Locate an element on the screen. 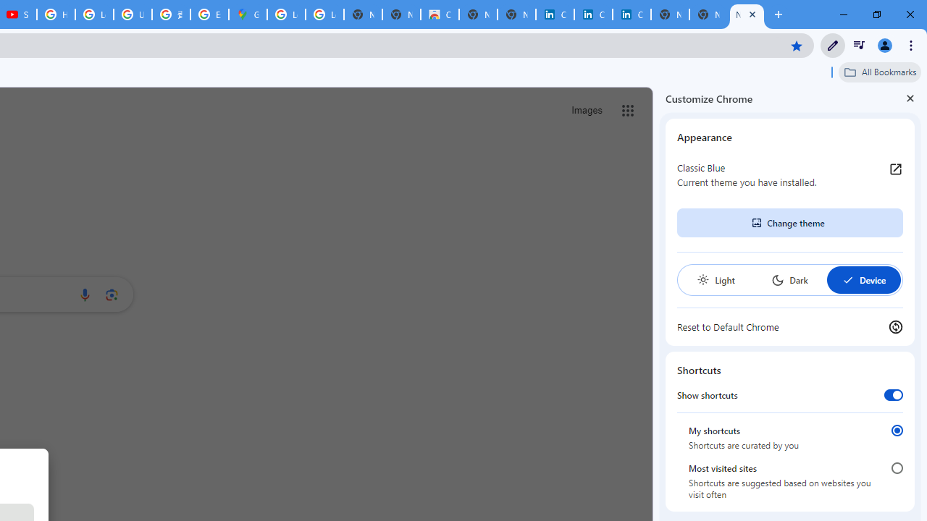  'Explore new street-level details - Google Maps Help' is located at coordinates (209, 14).